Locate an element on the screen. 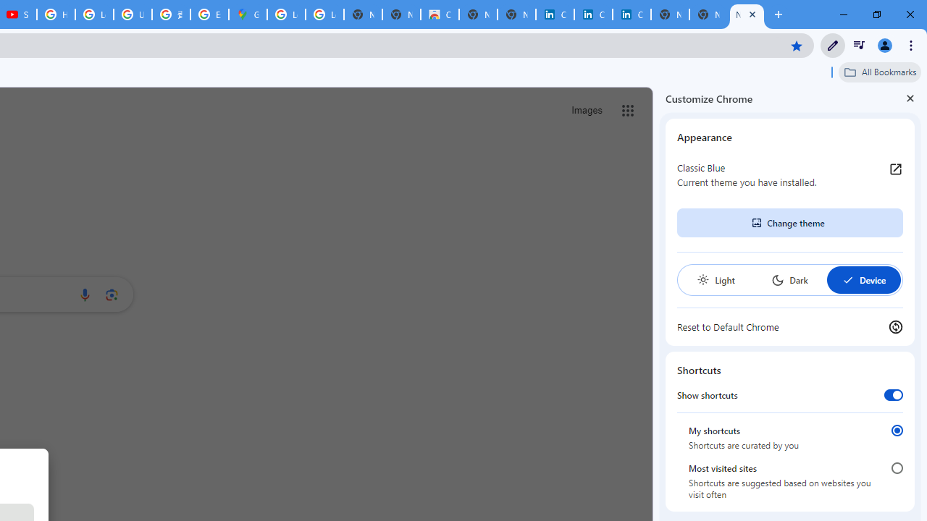  'Explore new street-level details - Google Maps Help' is located at coordinates (209, 14).